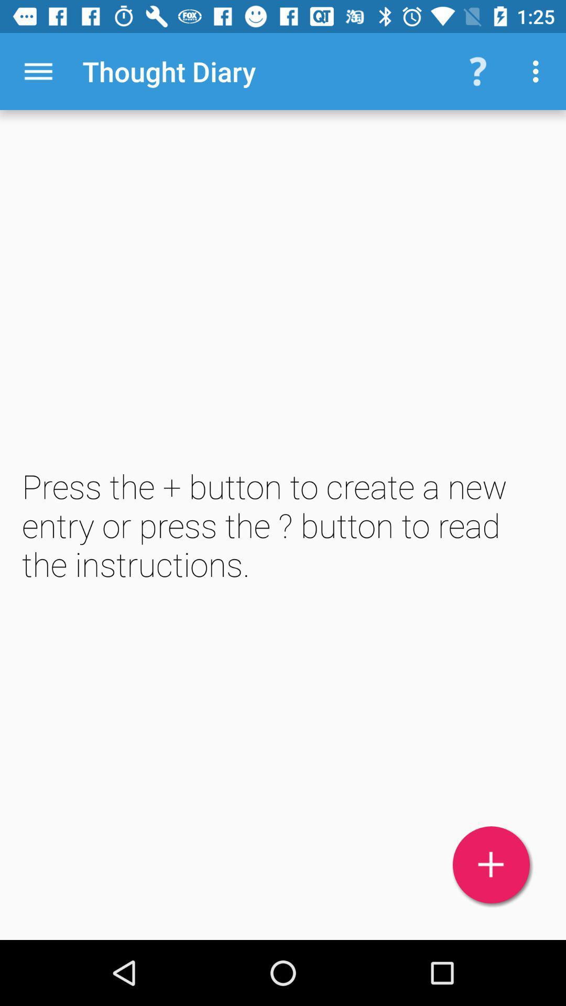 This screenshot has width=566, height=1006. Describe the element at coordinates (538, 71) in the screenshot. I see `the item above the press the button item` at that location.